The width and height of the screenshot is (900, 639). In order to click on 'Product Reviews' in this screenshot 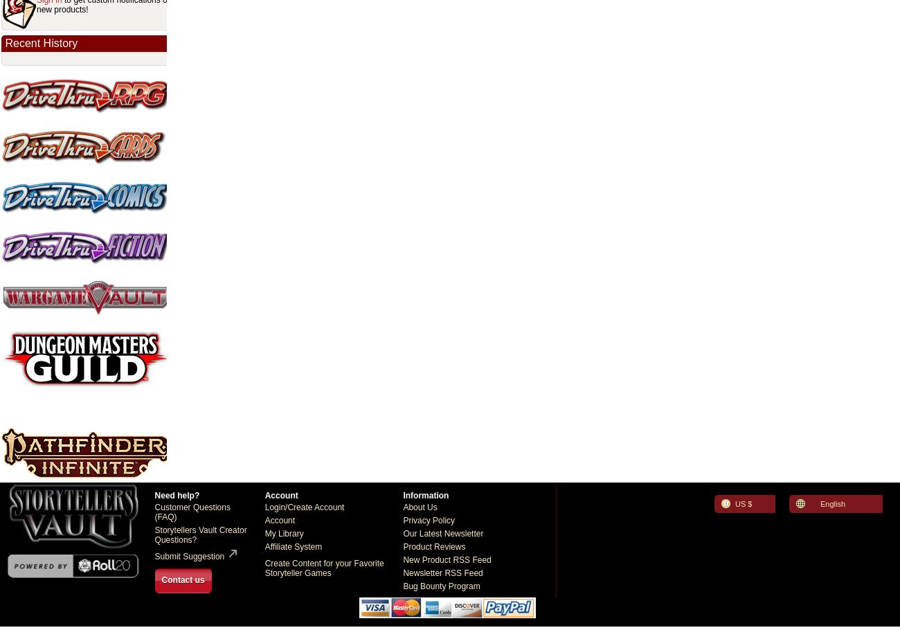, I will do `click(433, 546)`.